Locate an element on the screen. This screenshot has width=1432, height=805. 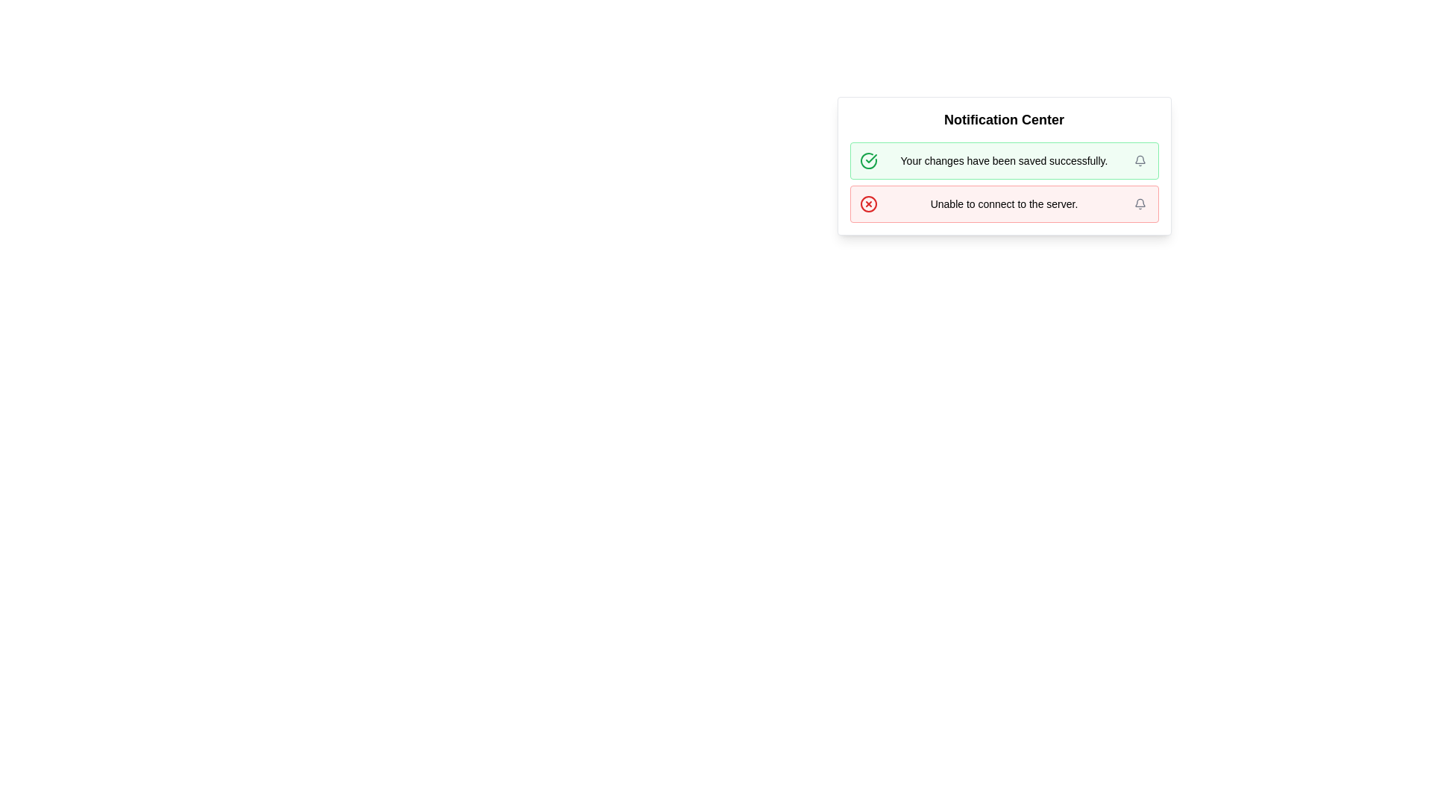
the textual notification message displaying 'Your changes have been saved successfully.' in the Notification Center widget, which is centrally located within a green background box is located at coordinates (1004, 161).